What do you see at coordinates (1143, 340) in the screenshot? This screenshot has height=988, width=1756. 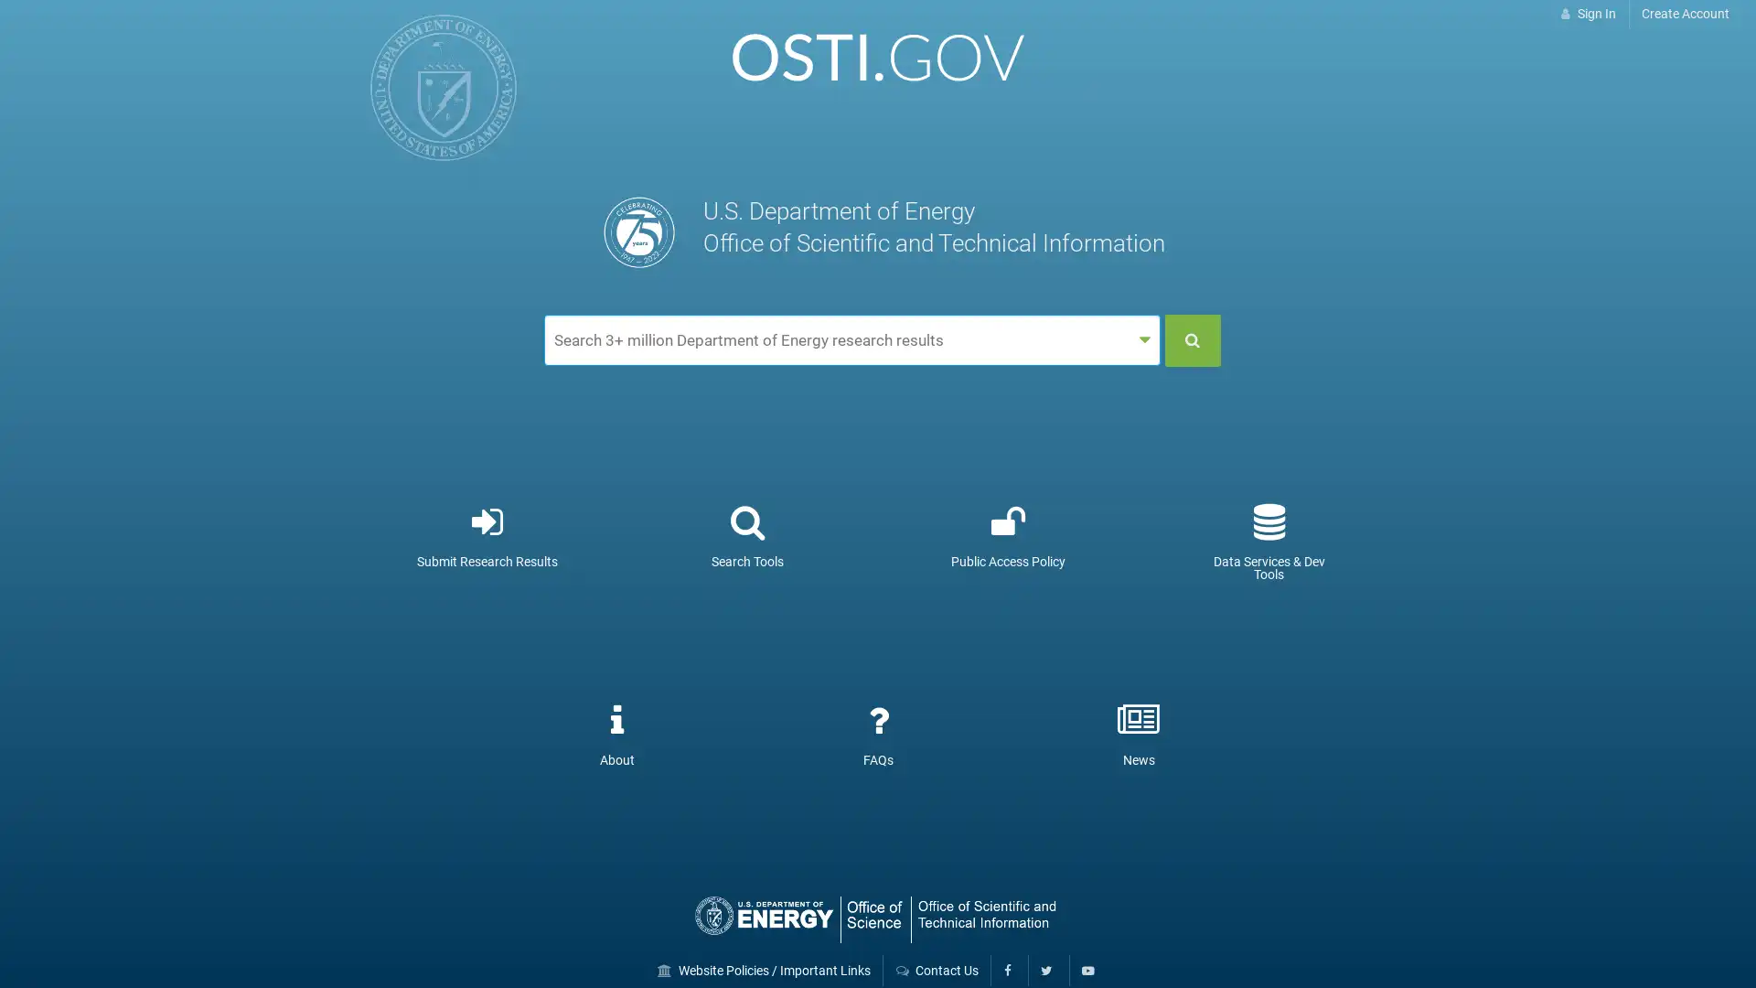 I see `Advanced search options` at bounding box center [1143, 340].